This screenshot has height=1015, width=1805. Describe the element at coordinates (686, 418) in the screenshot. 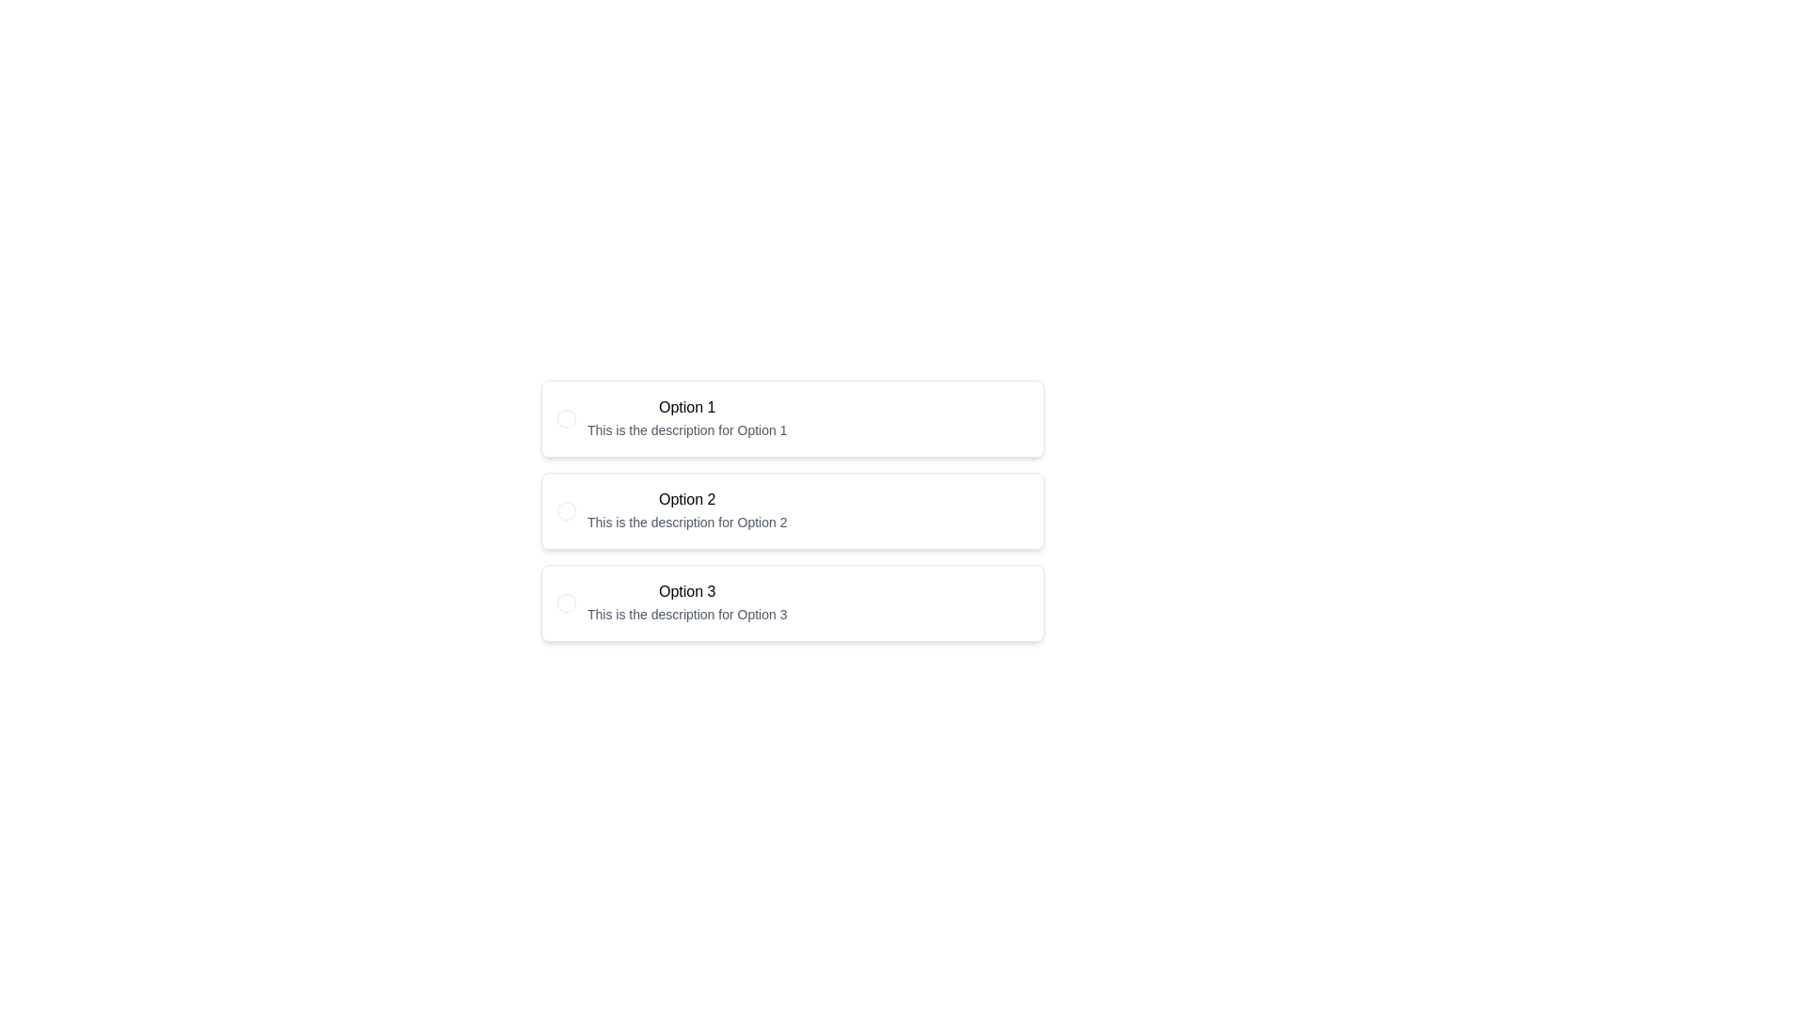

I see `the first radio button option in the vertically arranged list` at that location.